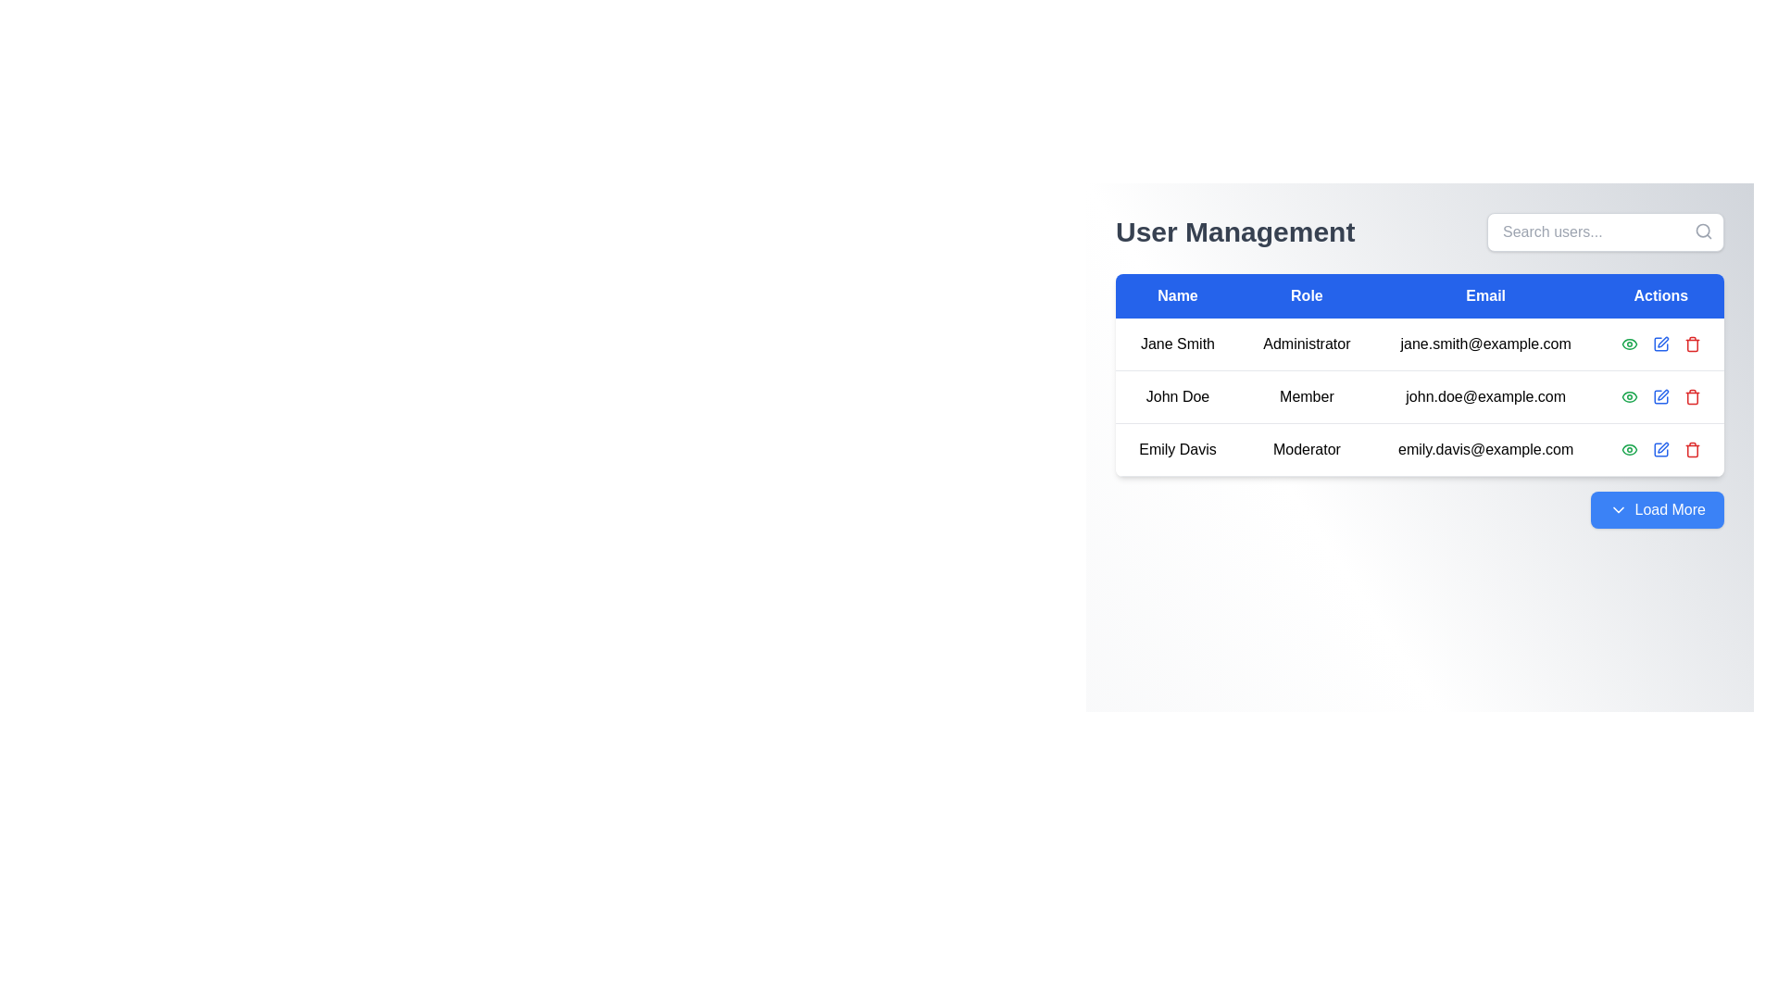 Image resolution: width=1778 pixels, height=1000 pixels. Describe the element at coordinates (1660, 395) in the screenshot. I see `the blue edit icon resembling a pen in the 'Actions' column of the second row` at that location.